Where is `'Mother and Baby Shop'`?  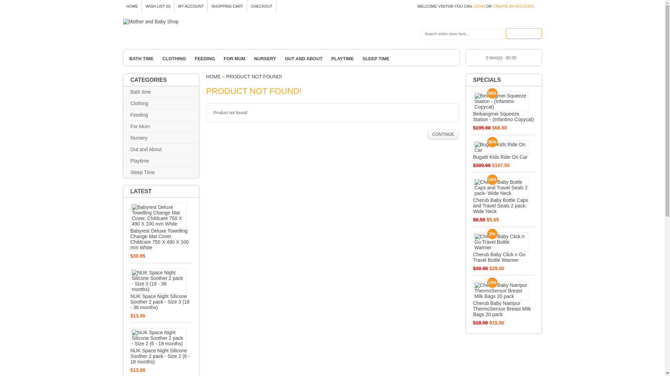 'Mother and Baby Shop' is located at coordinates (150, 21).